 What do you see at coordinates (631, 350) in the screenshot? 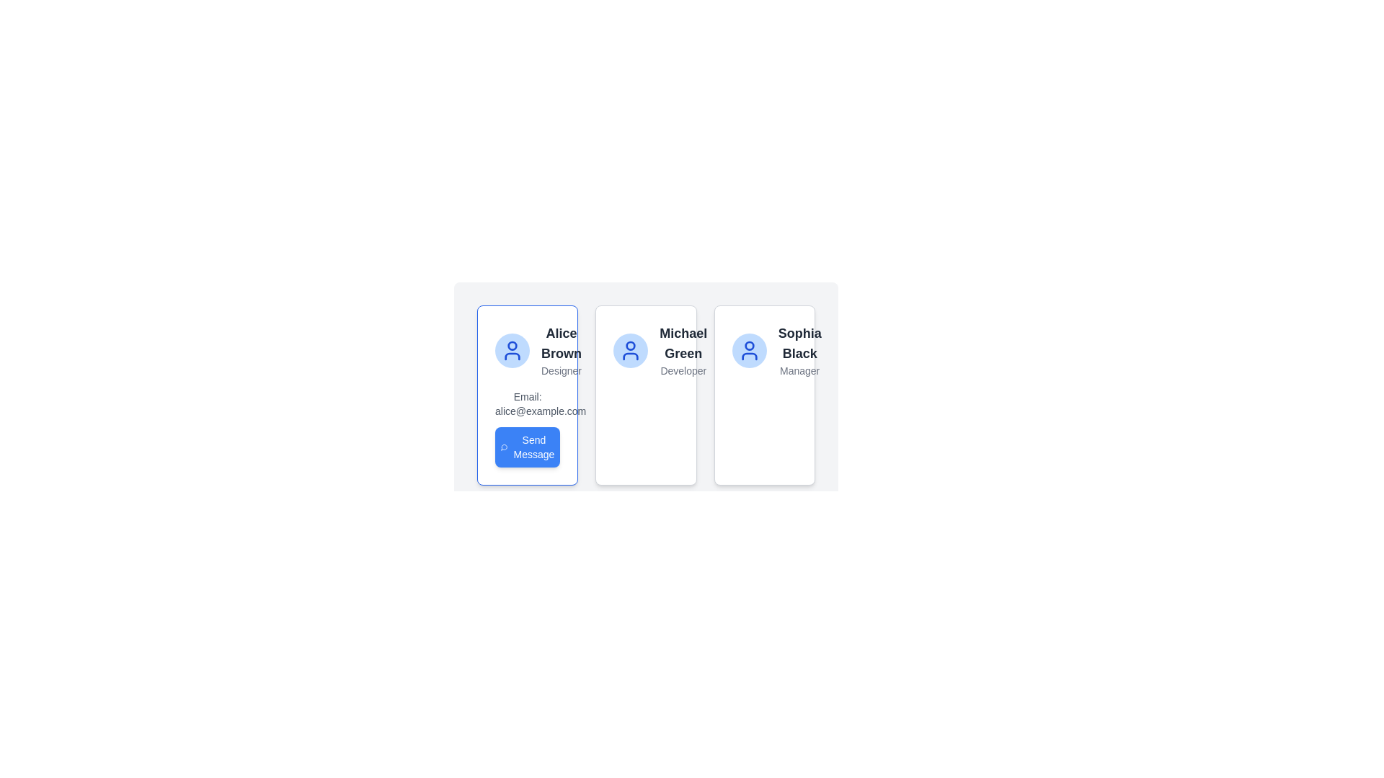
I see `the circular icon with a light blue background and dark blue user icon, located to the left of the text 'Michael Green' and 'Developer'` at bounding box center [631, 350].